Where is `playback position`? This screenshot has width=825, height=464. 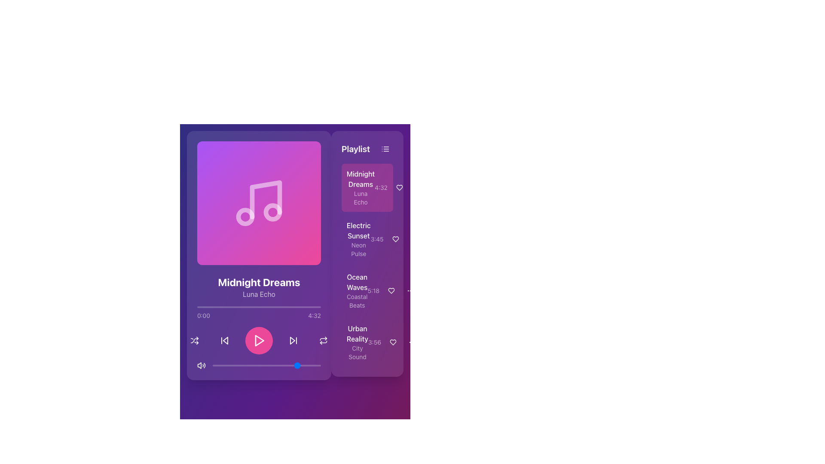
playback position is located at coordinates (265, 306).